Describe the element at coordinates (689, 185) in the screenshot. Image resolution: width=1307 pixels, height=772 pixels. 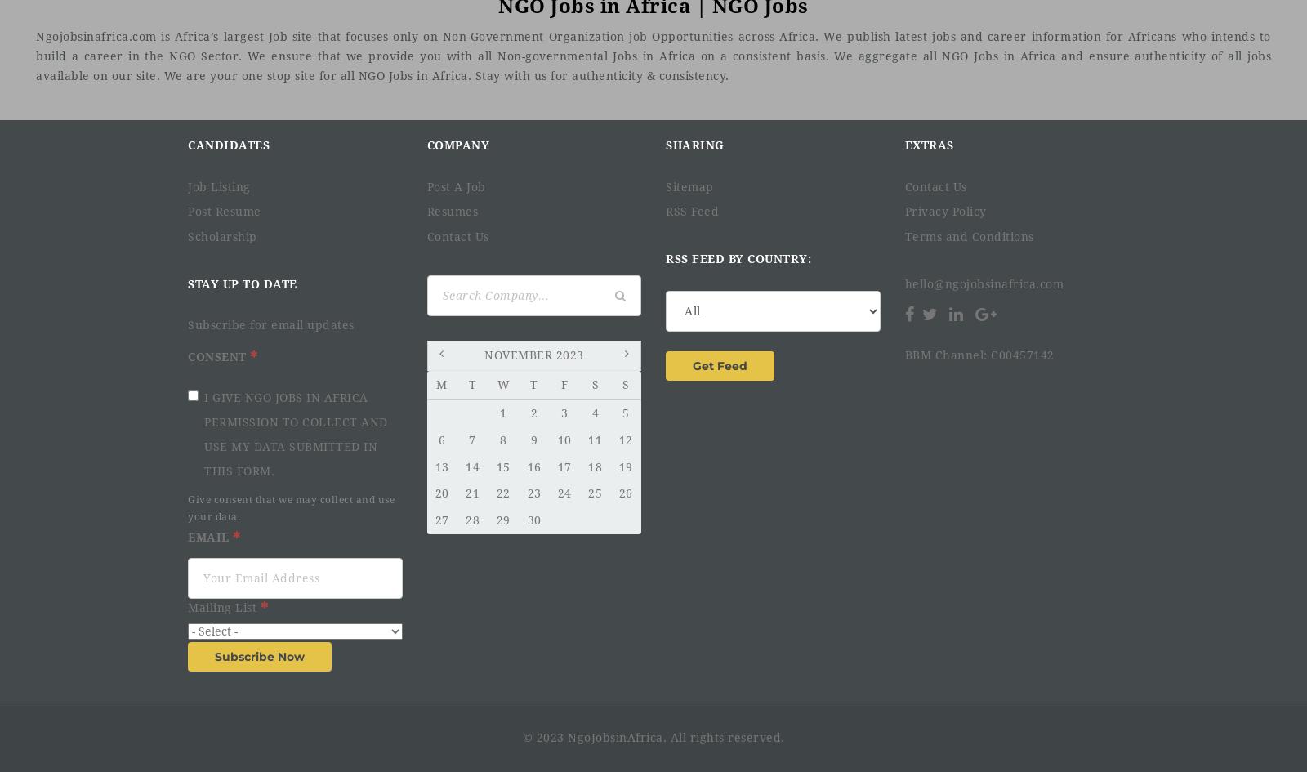
I see `'Sitemap'` at that location.